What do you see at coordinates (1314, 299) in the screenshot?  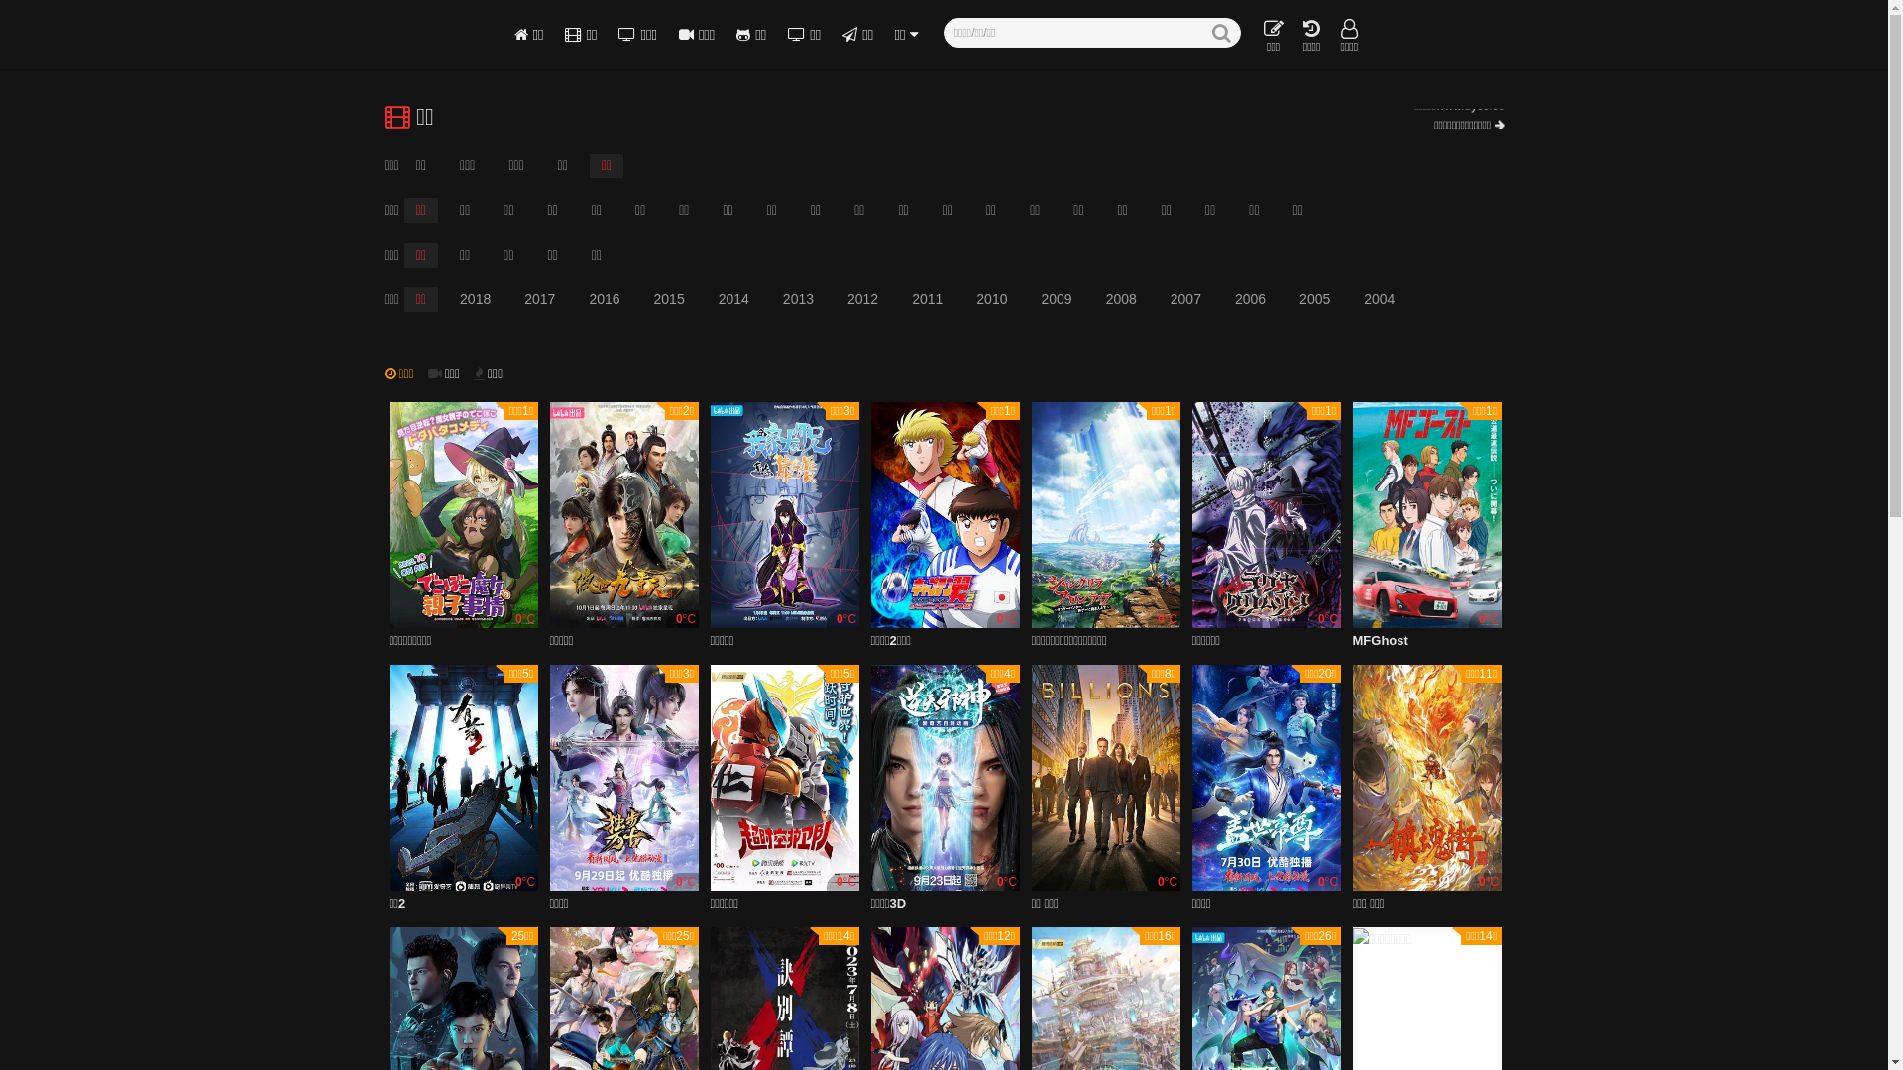 I see `'2005'` at bounding box center [1314, 299].